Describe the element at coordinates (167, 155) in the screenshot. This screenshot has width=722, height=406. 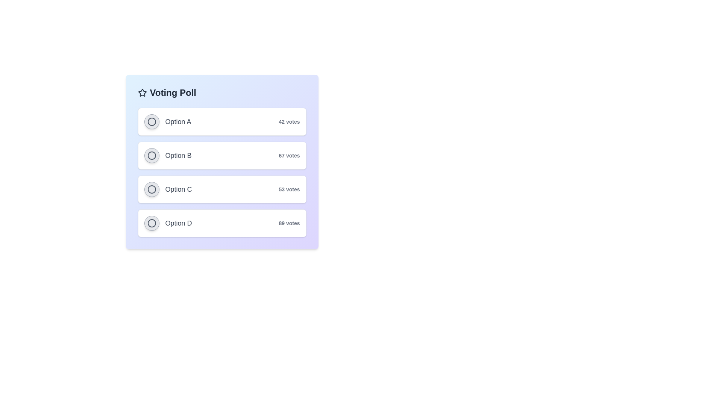
I see `the circular button for 'Option B' in the voting poll interface` at that location.